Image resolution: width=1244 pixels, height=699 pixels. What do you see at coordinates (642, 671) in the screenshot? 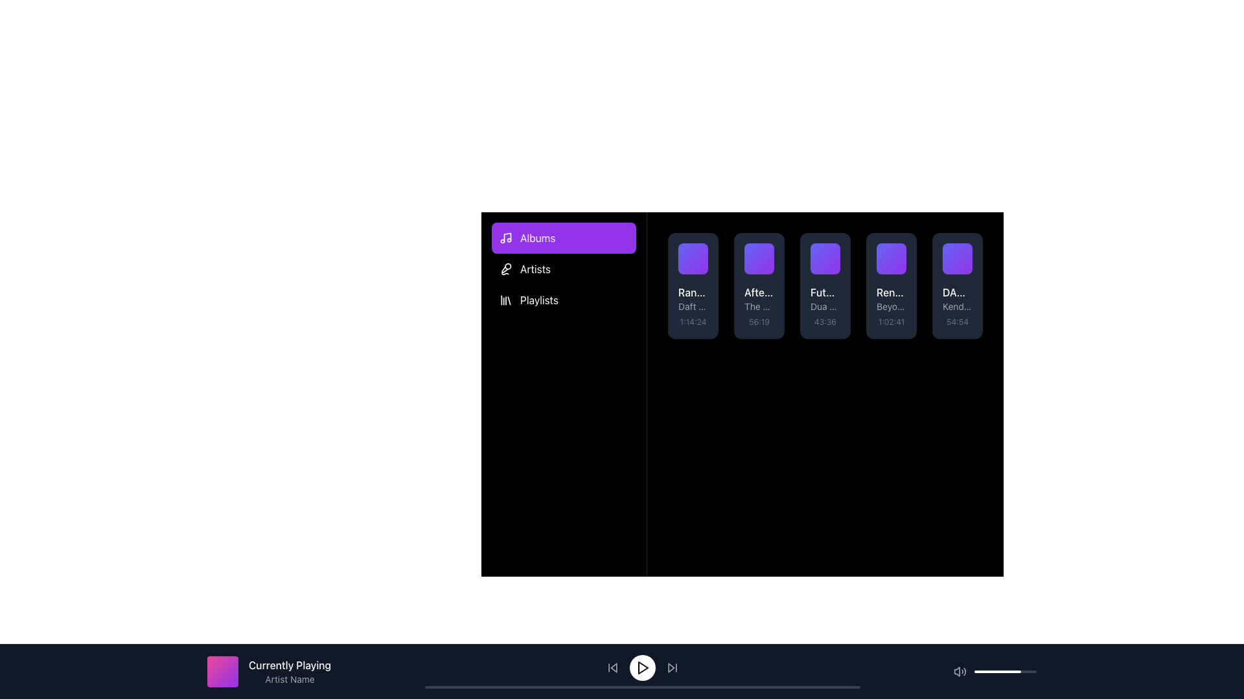
I see `the play button located at the bottom center of the interface` at bounding box center [642, 671].